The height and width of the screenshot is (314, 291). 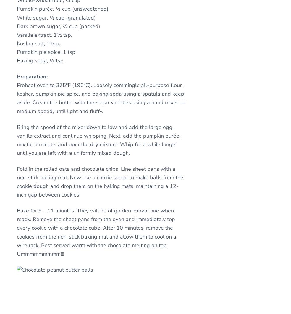 What do you see at coordinates (100, 181) in the screenshot?
I see `'Fold in the rolled oats and chocolate chips. Line sheet pans with a non-stick baking mat. Now use a cookie scoop to make balls from the cookie dough and drop them on the baking mats, maintaining a 12-inch gap between cookies.'` at bounding box center [100, 181].